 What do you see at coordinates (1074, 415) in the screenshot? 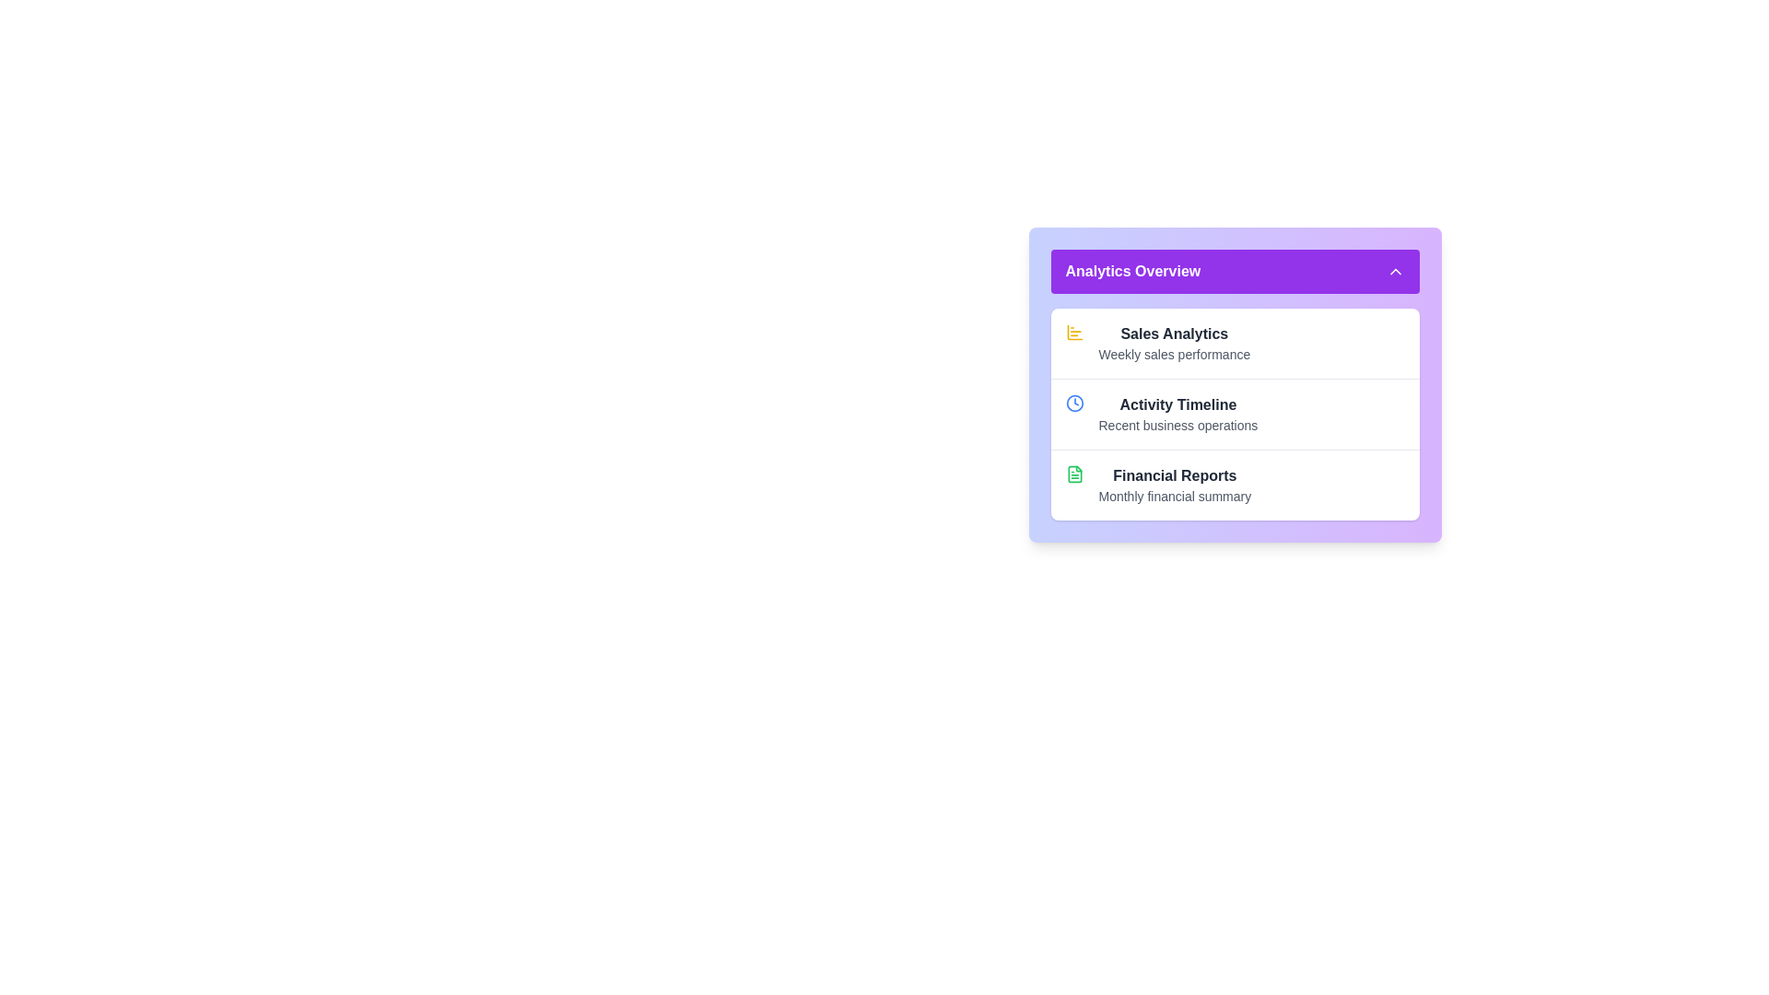
I see `the blue clock icon located in the 'Activity Timeline' section of the 'Analytics Overview' card` at bounding box center [1074, 415].